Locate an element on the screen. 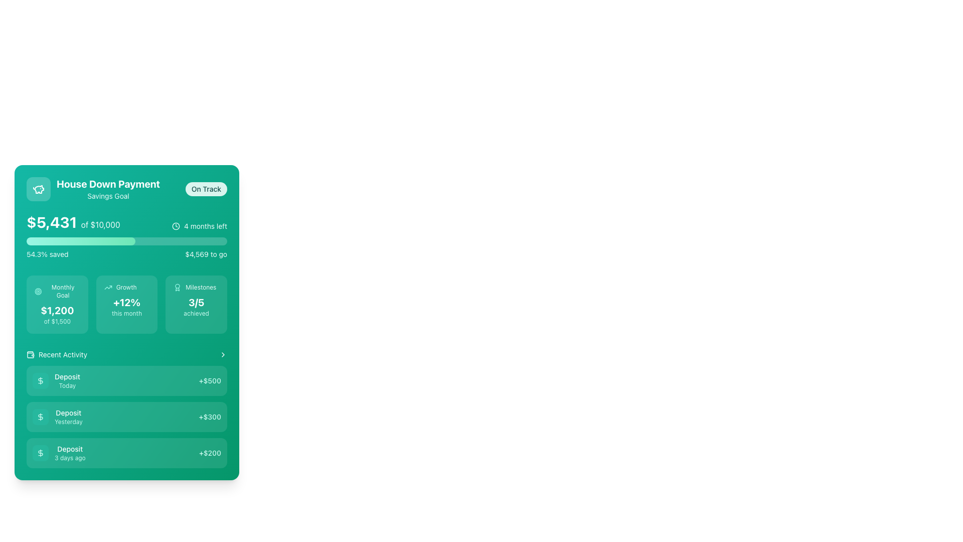 This screenshot has height=542, width=963. the status indicator label located at the top right corner of the green card section, next to the main heading 'House Down Payment' is located at coordinates (206, 189).